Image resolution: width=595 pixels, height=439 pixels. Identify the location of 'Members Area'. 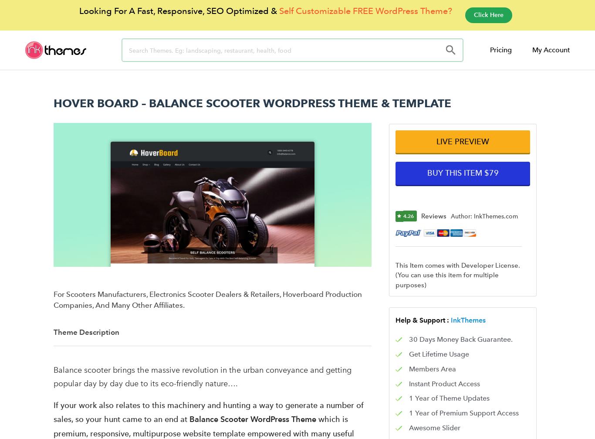
(432, 368).